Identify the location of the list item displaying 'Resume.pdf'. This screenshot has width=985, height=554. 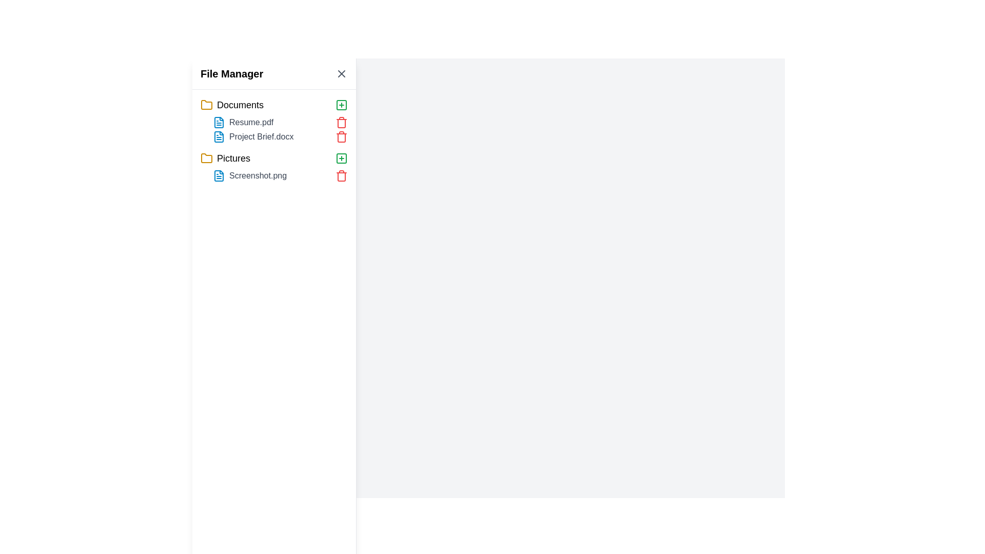
(280, 122).